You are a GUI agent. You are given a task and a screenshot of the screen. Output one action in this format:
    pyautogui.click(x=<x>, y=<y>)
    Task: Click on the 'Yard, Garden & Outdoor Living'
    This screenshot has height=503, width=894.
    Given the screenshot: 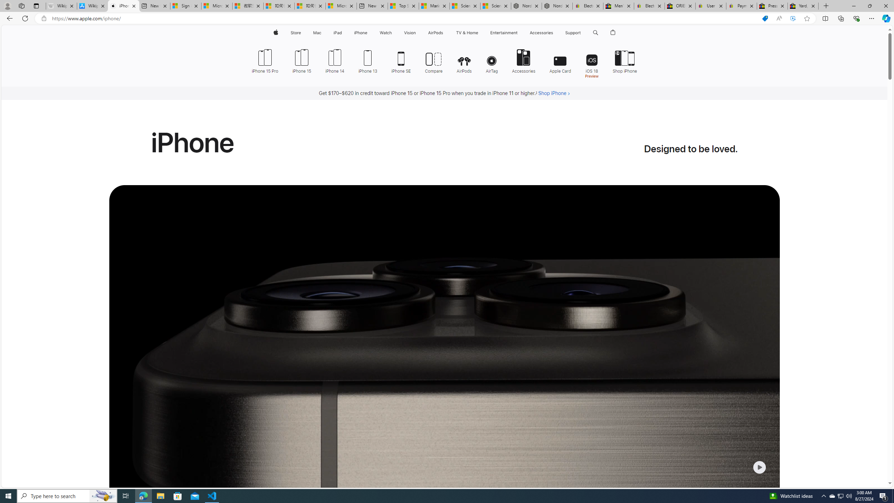 What is the action you would take?
    pyautogui.click(x=803, y=6)
    